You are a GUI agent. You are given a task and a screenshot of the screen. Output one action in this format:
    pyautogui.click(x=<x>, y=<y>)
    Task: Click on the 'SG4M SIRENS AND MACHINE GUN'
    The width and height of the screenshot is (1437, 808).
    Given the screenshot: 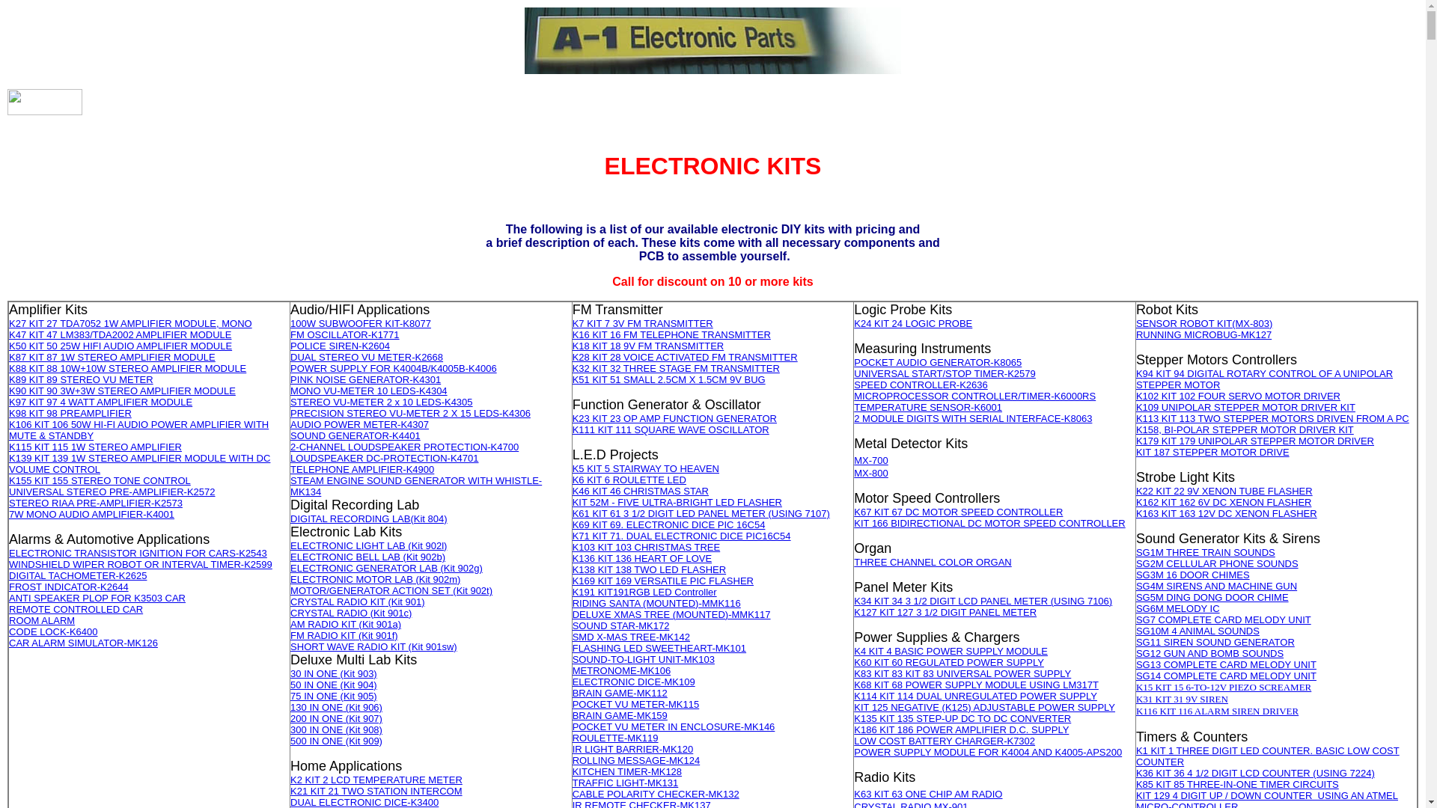 What is the action you would take?
    pyautogui.click(x=1216, y=585)
    